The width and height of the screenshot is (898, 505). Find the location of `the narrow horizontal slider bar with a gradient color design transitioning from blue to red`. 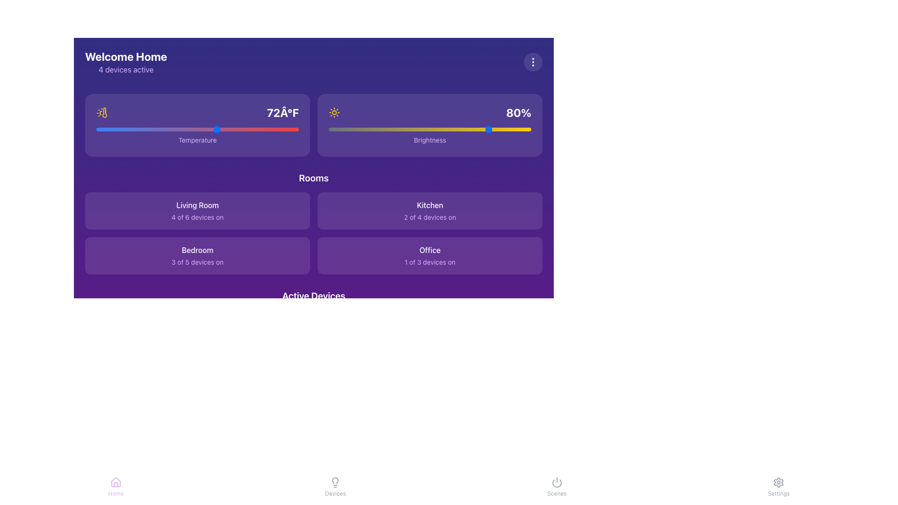

the narrow horizontal slider bar with a gradient color design transitioning from blue to red is located at coordinates (197, 130).